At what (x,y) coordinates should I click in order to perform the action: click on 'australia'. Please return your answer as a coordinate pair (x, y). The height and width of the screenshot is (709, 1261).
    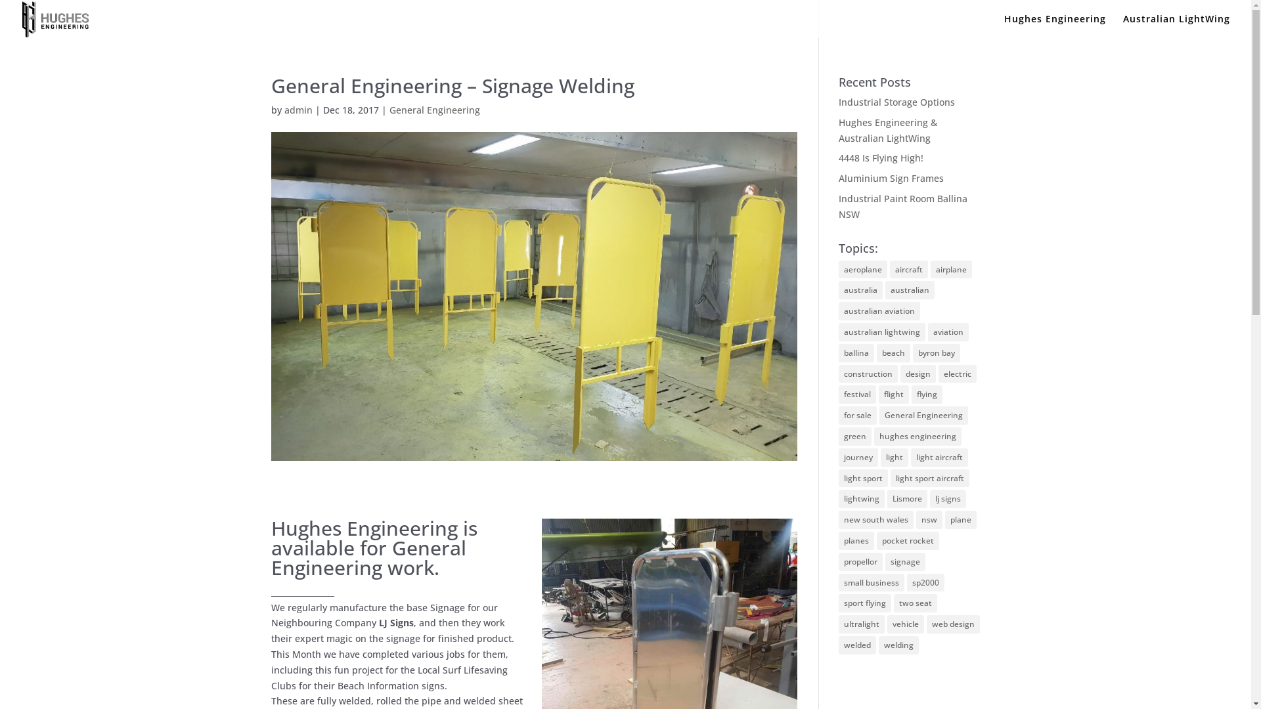
    Looking at the image, I should click on (860, 290).